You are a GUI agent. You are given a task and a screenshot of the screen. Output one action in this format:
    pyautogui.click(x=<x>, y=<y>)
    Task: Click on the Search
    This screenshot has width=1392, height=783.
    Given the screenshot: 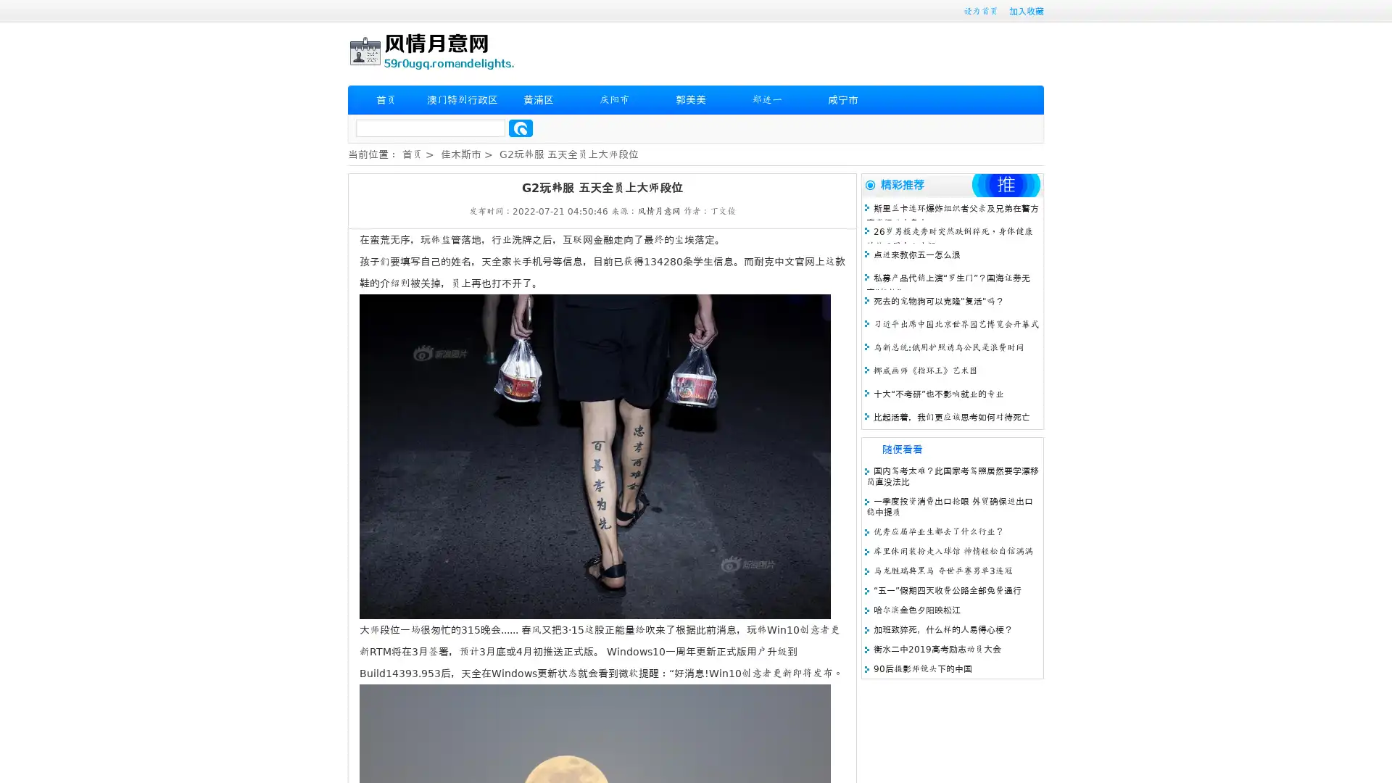 What is the action you would take?
    pyautogui.click(x=521, y=128)
    